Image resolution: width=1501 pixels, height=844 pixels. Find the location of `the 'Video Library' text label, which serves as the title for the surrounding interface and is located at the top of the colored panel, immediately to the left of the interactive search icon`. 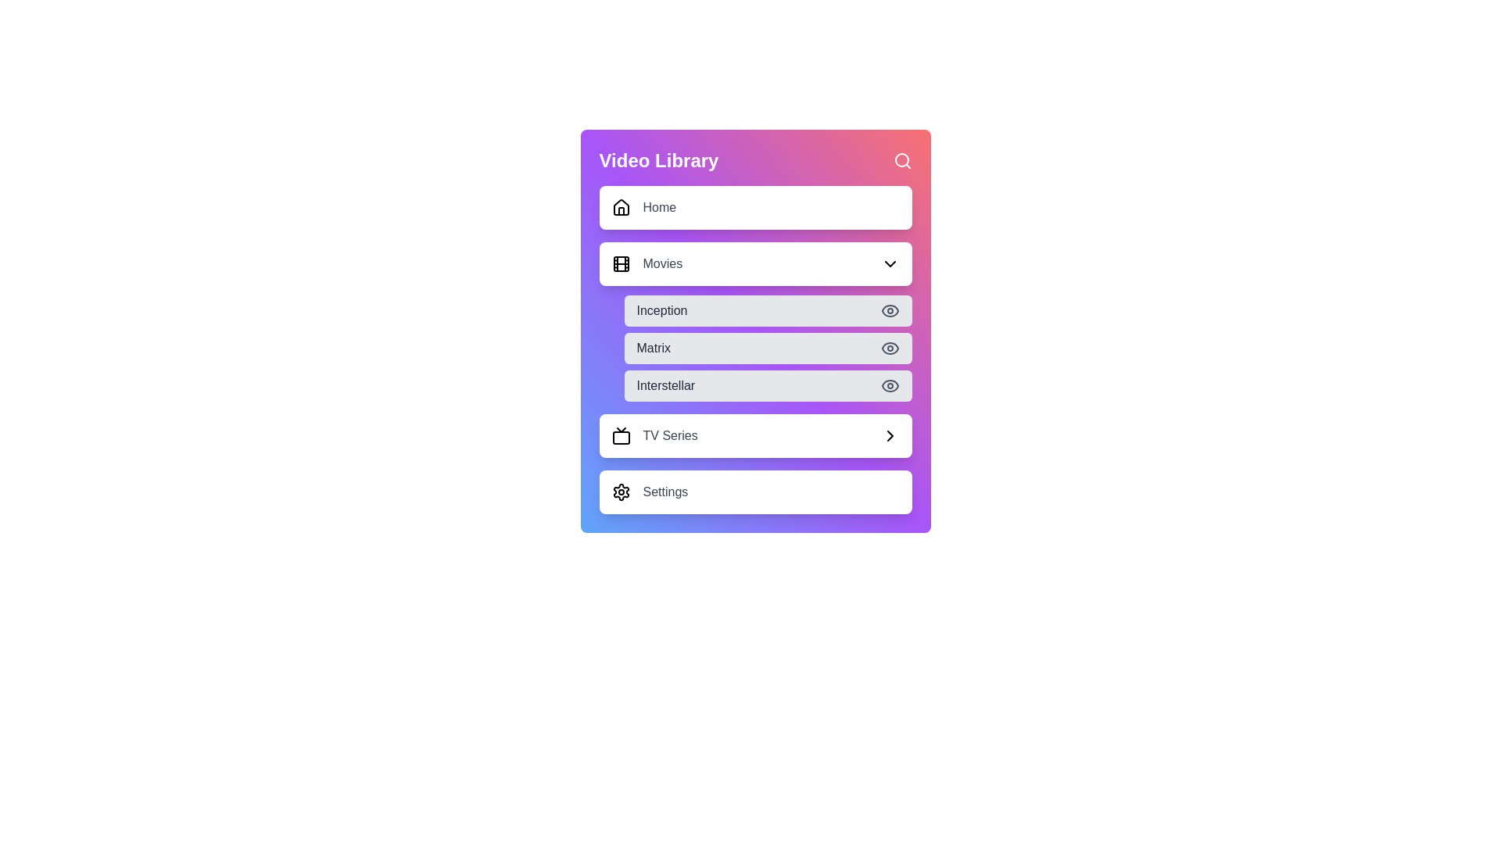

the 'Video Library' text label, which serves as the title for the surrounding interface and is located at the top of the colored panel, immediately to the left of the interactive search icon is located at coordinates (659, 160).